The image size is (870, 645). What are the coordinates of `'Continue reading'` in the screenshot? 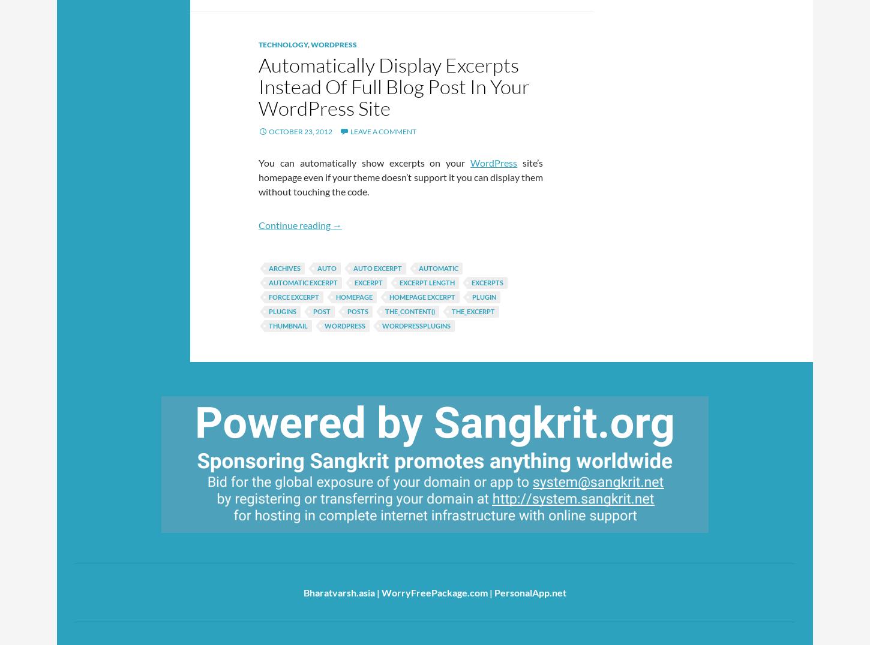 It's located at (295, 224).